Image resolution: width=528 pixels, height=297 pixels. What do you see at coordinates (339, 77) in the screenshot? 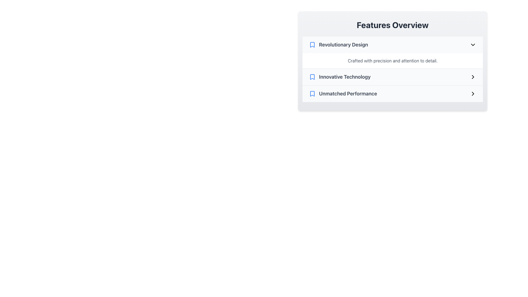
I see `to select the 'Innovative Technology' entry, which is the second item in the vertically stacked list within the 'Features Overview' section, identified by its bookmark icon and bold text style` at bounding box center [339, 77].